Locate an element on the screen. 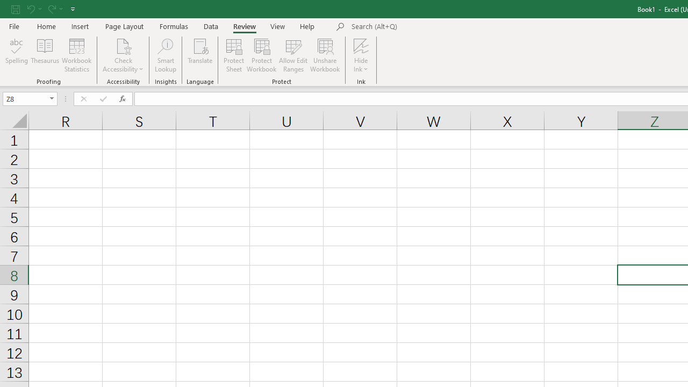 This screenshot has height=387, width=688. 'Spelling...' is located at coordinates (17, 55).